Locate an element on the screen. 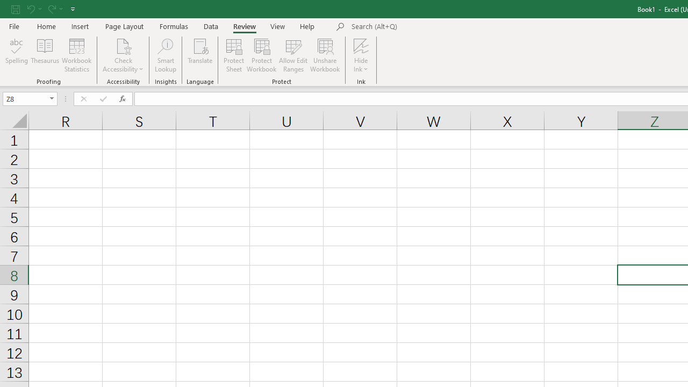 This screenshot has height=387, width=688. 'Spelling...' is located at coordinates (17, 55).